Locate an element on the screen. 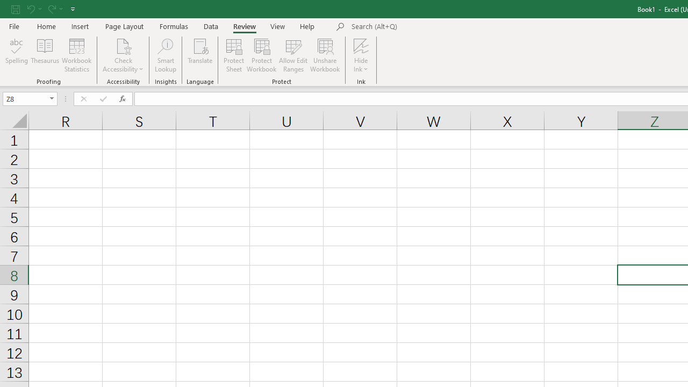 This screenshot has height=387, width=688. 'Spelling...' is located at coordinates (17, 55).